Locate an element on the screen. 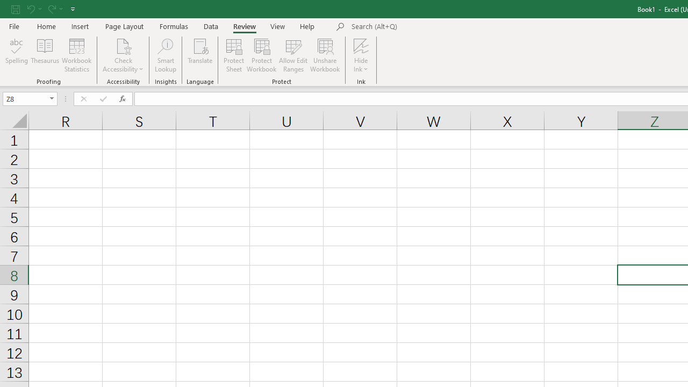 This screenshot has height=387, width=688. 'Spelling...' is located at coordinates (17, 55).